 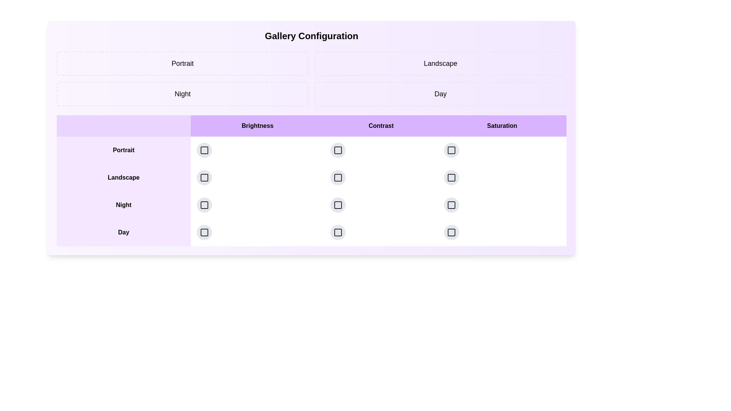 I want to click on the fourth static label in the vertical list of settings labels, which is positioned under a light purple section heading, following 'Portrait', 'Landscape', and 'Night', so click(x=123, y=232).